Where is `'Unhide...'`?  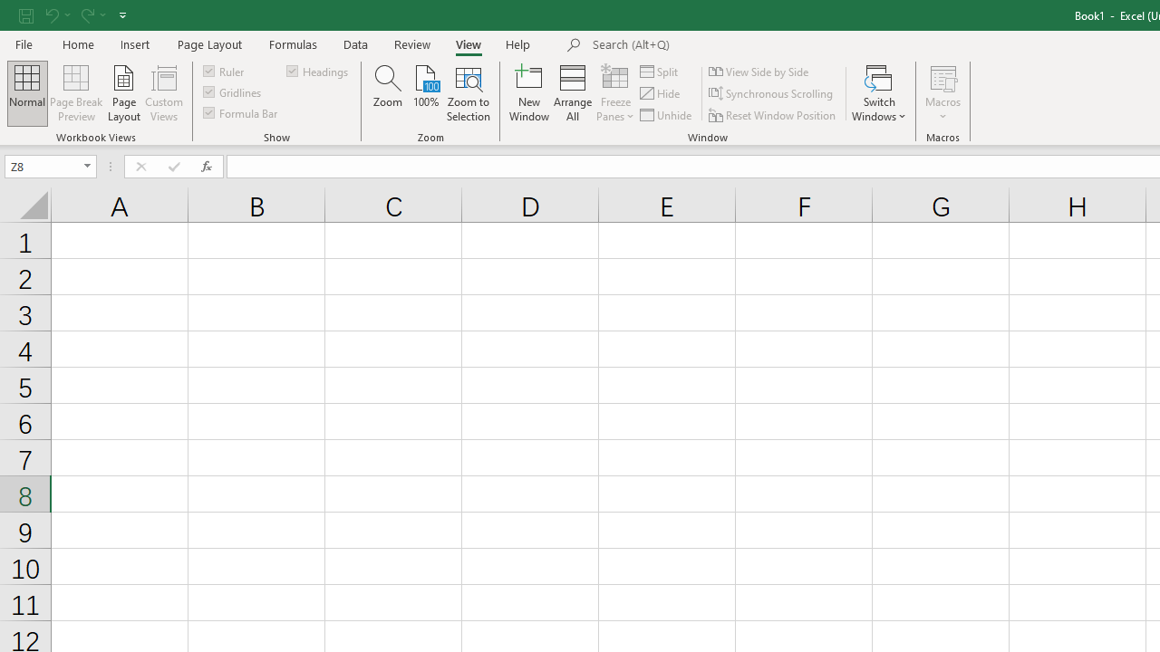
'Unhide...' is located at coordinates (666, 115).